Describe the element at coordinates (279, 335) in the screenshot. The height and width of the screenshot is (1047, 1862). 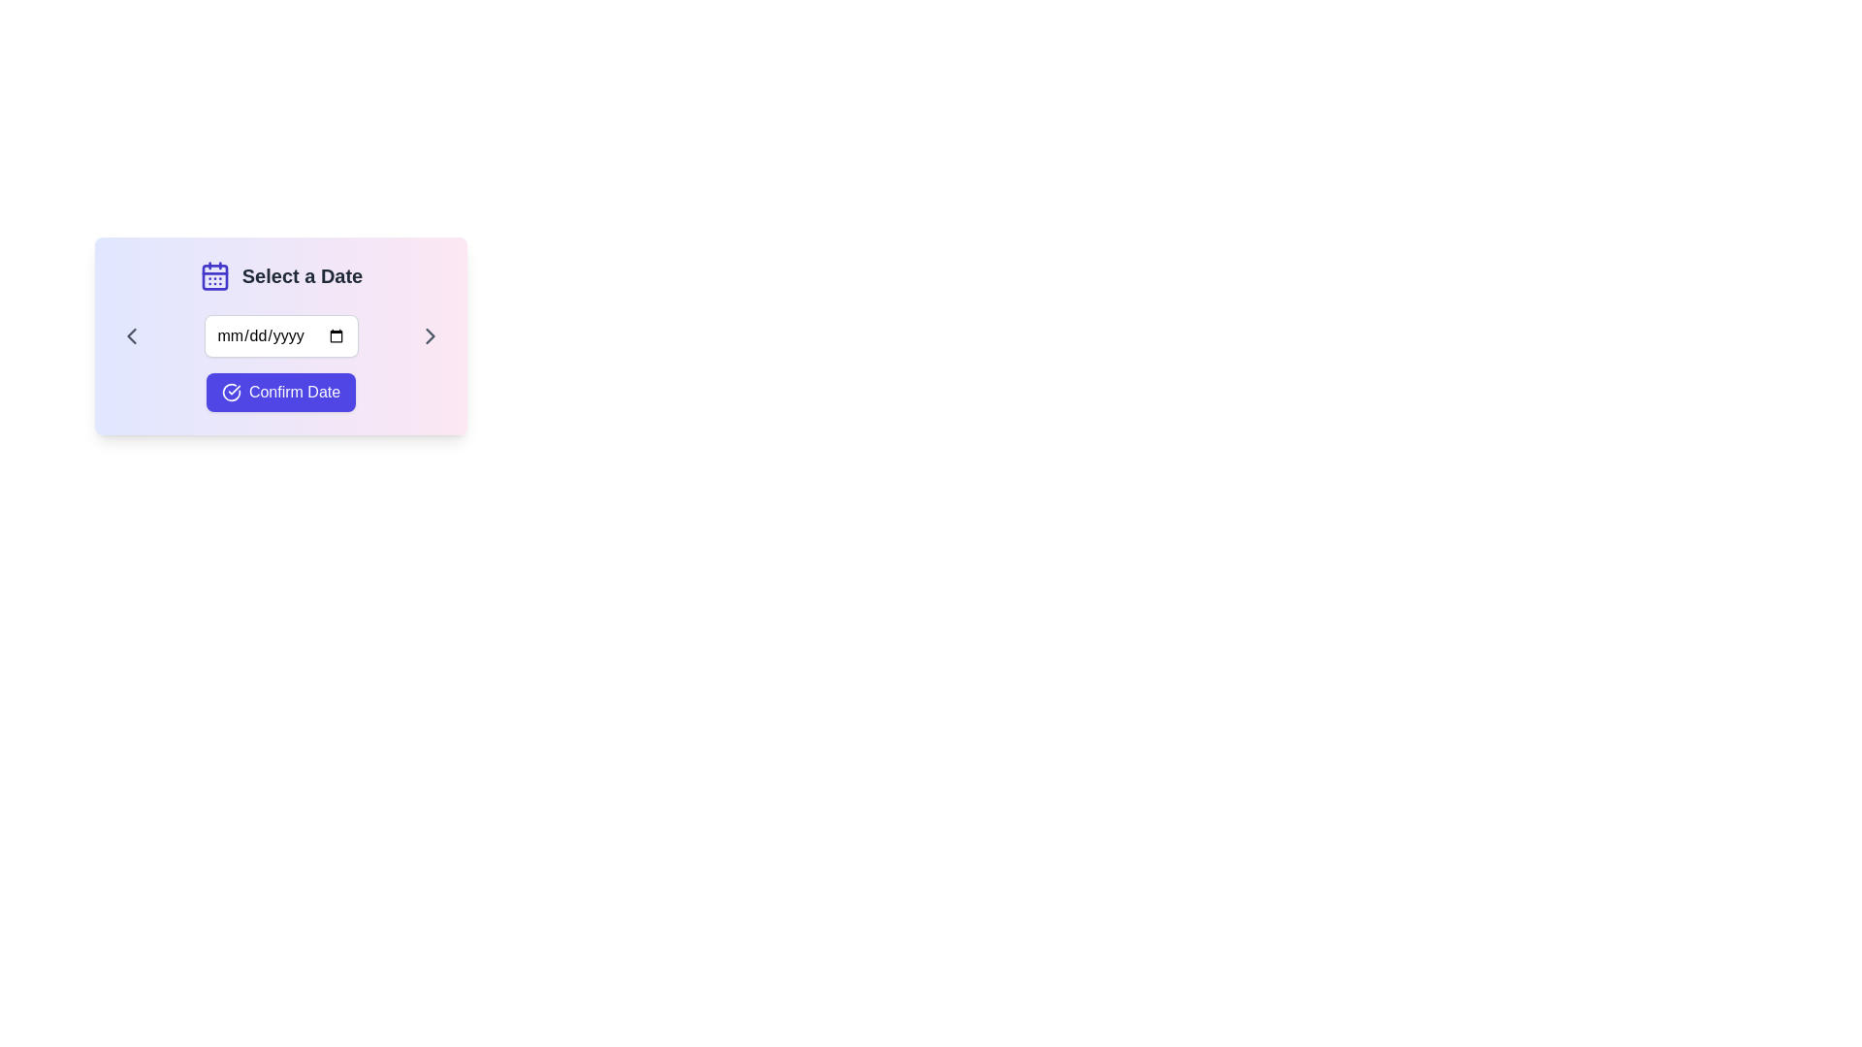
I see `the Date Input Field with placeholder text 'mm/dd/yyyy' to focus on the input` at that location.